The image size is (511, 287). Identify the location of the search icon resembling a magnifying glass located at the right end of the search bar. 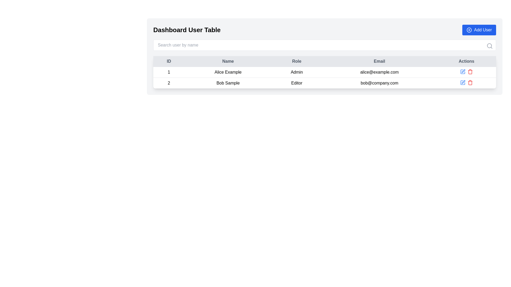
(489, 46).